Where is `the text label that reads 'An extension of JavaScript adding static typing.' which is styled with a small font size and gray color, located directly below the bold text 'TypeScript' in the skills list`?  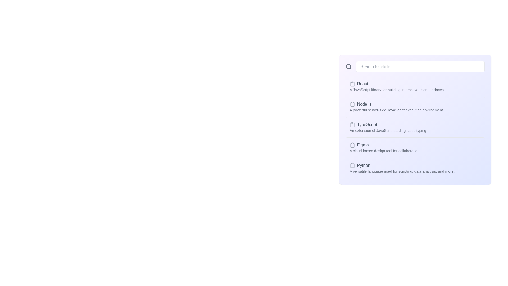
the text label that reads 'An extension of JavaScript adding static typing.' which is styled with a small font size and gray color, located directly below the bold text 'TypeScript' in the skills list is located at coordinates (388, 131).